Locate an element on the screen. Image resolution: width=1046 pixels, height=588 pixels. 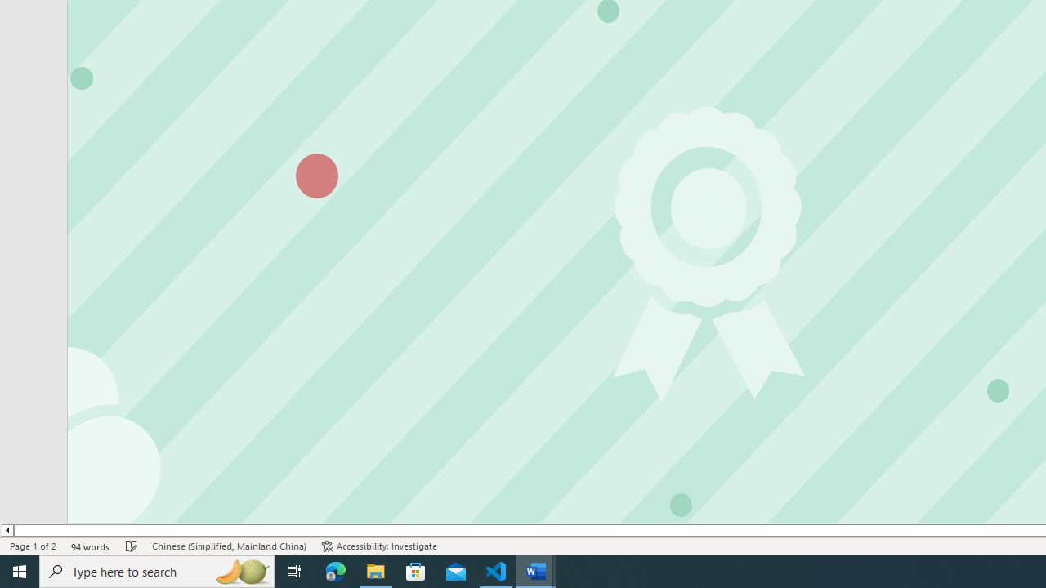
'Column left' is located at coordinates (7, 530).